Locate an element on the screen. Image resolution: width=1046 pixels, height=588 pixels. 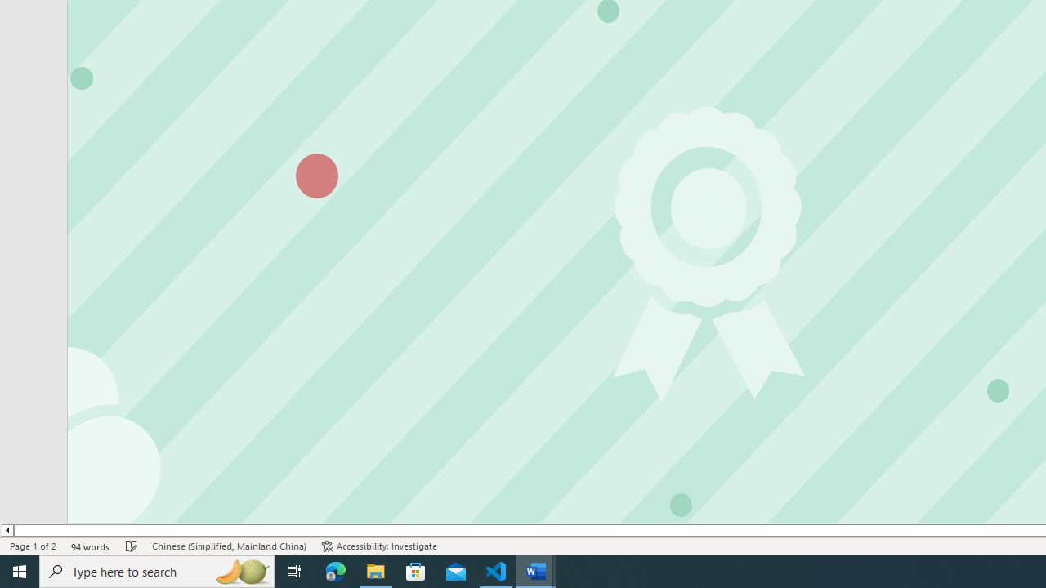
'Column left' is located at coordinates (7, 530).